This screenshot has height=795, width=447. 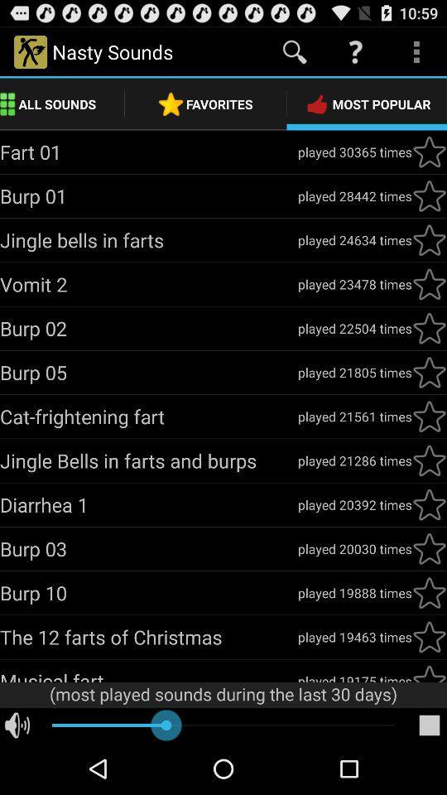 What do you see at coordinates (429, 636) in the screenshot?
I see `this sound to your favorites` at bounding box center [429, 636].